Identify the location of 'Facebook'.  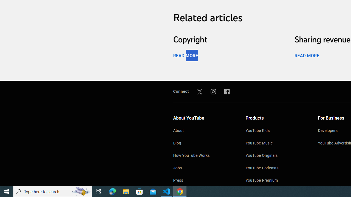
(227, 91).